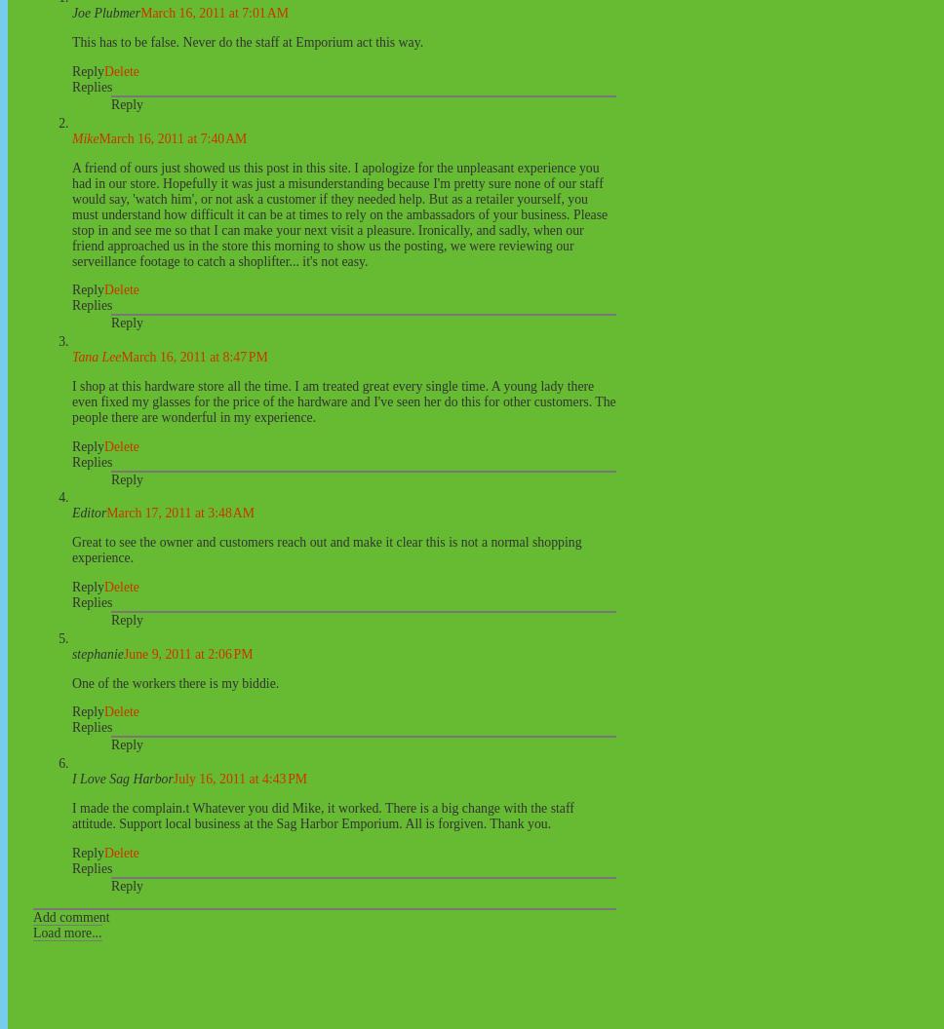  I want to click on 'A friend of ours just showed us this post in this site. I apologize for the unpleasant experience you had in our store. Hopefully it was just a misunderstanding because I'm pretty sure none of our staff would say, 'watch him', or not ask a customer if they needed help. But as a retailer yourself, you must understand how difficult it can be at times to rely on the ambassadors of your business. Please stop in and see me so that I can make your next visit a pleasure. Ironically, and sadly, when our friend approached us in the store this morning to show us the posting, we were reviewing our serveillance footage to catch a shoplifter... it's not easy.', so click(339, 212).